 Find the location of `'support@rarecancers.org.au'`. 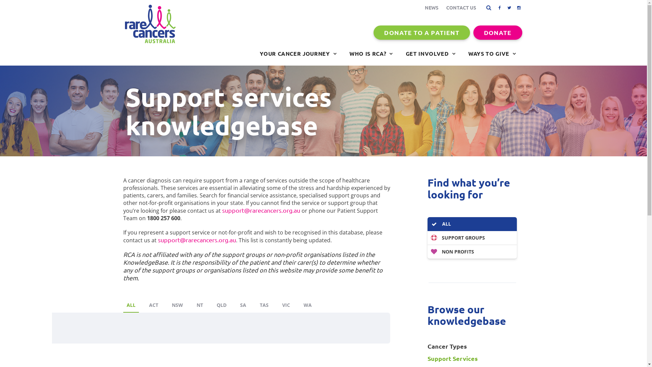

'support@rarecancers.org.au' is located at coordinates (196, 239).